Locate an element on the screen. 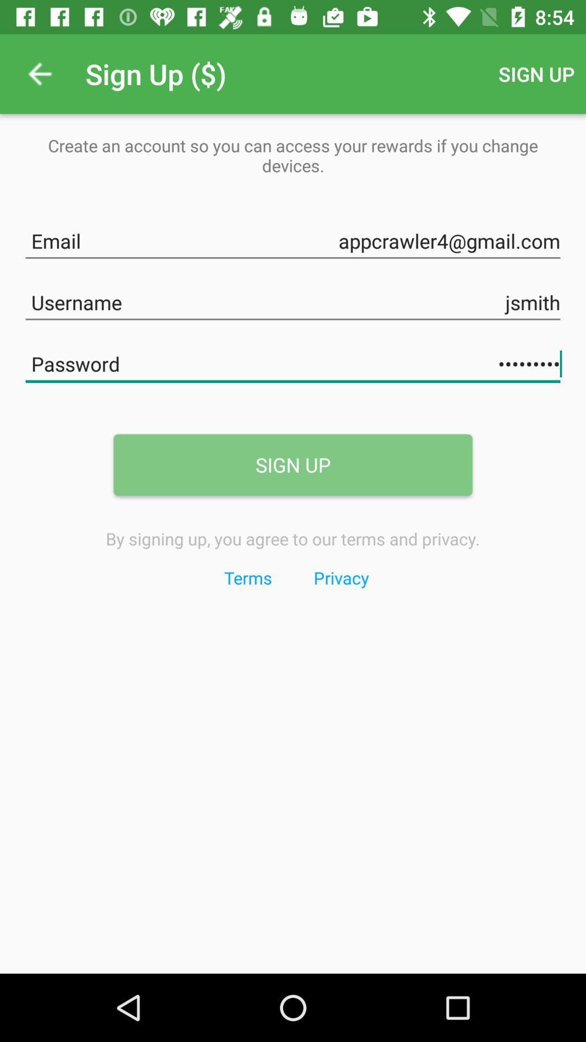 This screenshot has width=586, height=1042. the app to the left of sign up ($) app is located at coordinates (39, 73).